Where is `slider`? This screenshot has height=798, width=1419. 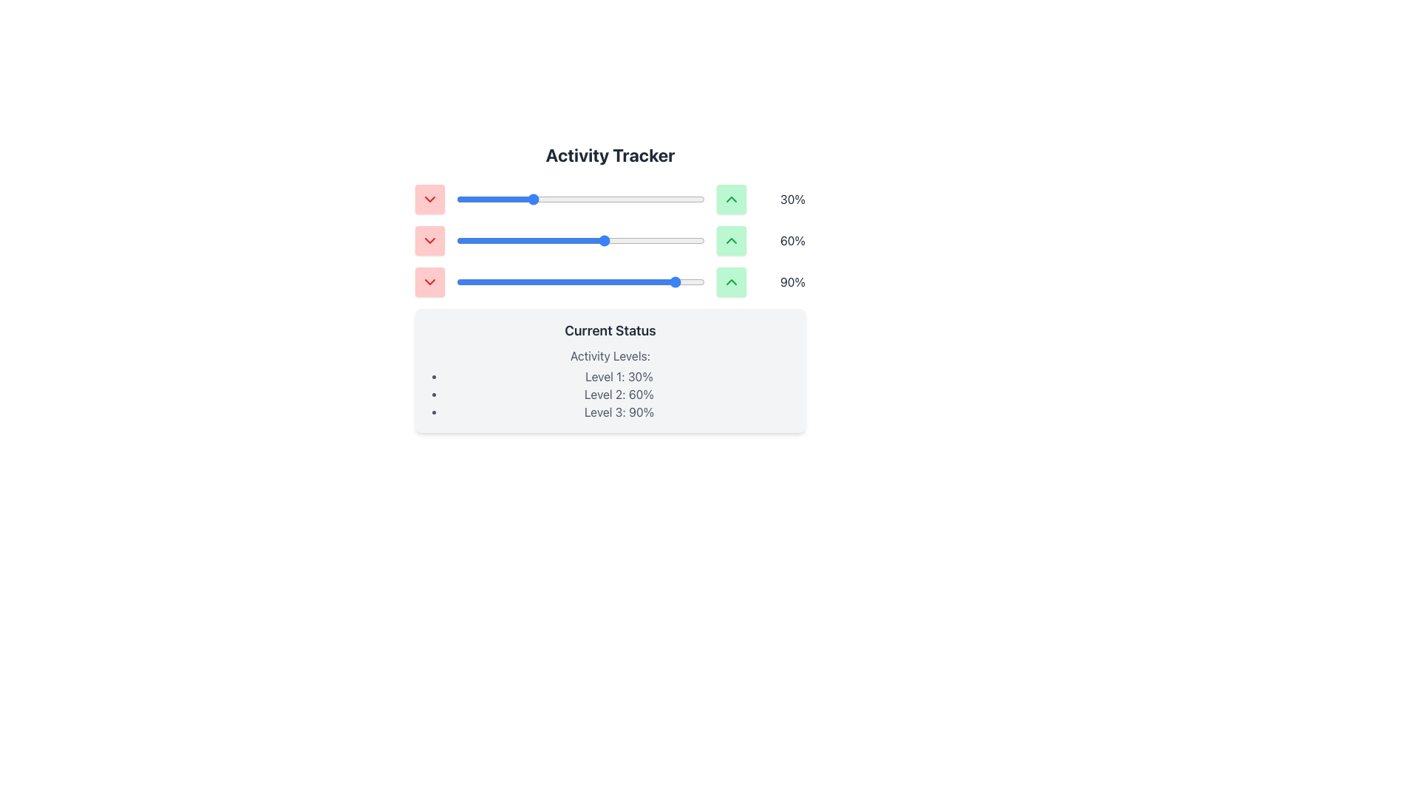
slider is located at coordinates (483, 199).